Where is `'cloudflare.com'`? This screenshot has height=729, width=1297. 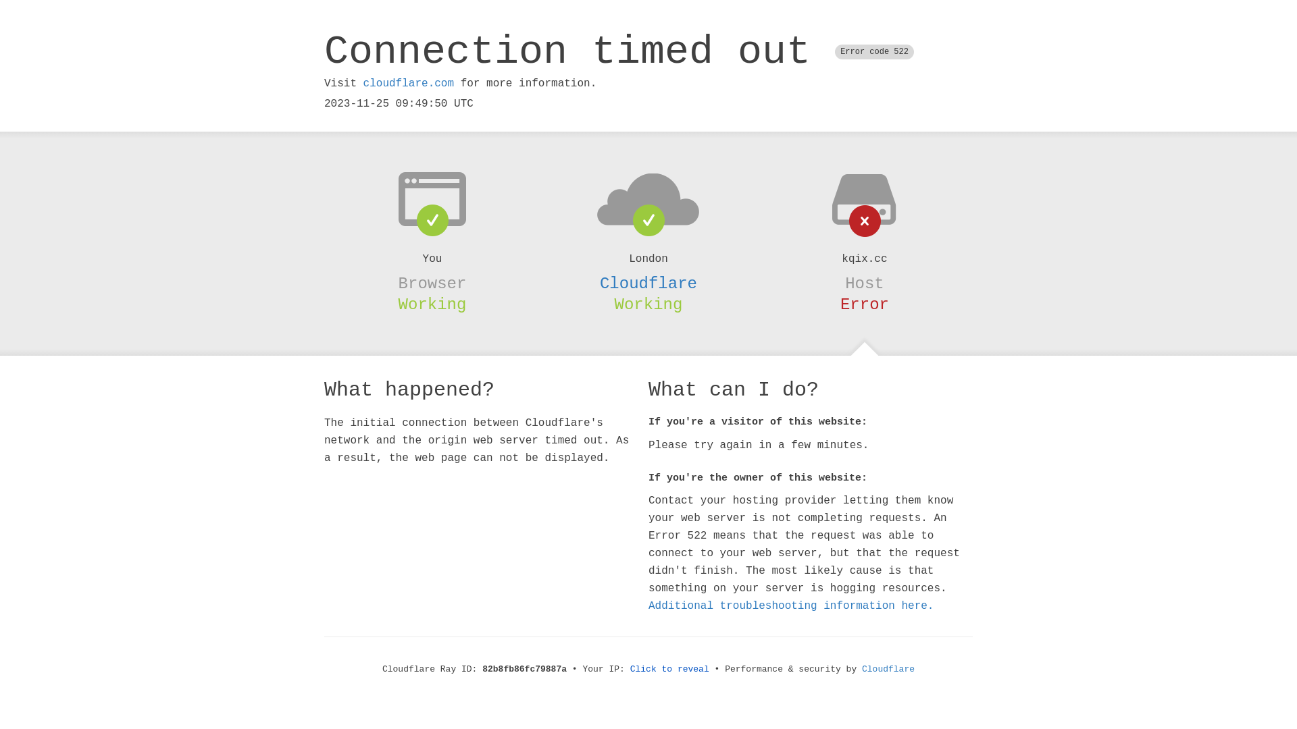 'cloudflare.com' is located at coordinates (407, 83).